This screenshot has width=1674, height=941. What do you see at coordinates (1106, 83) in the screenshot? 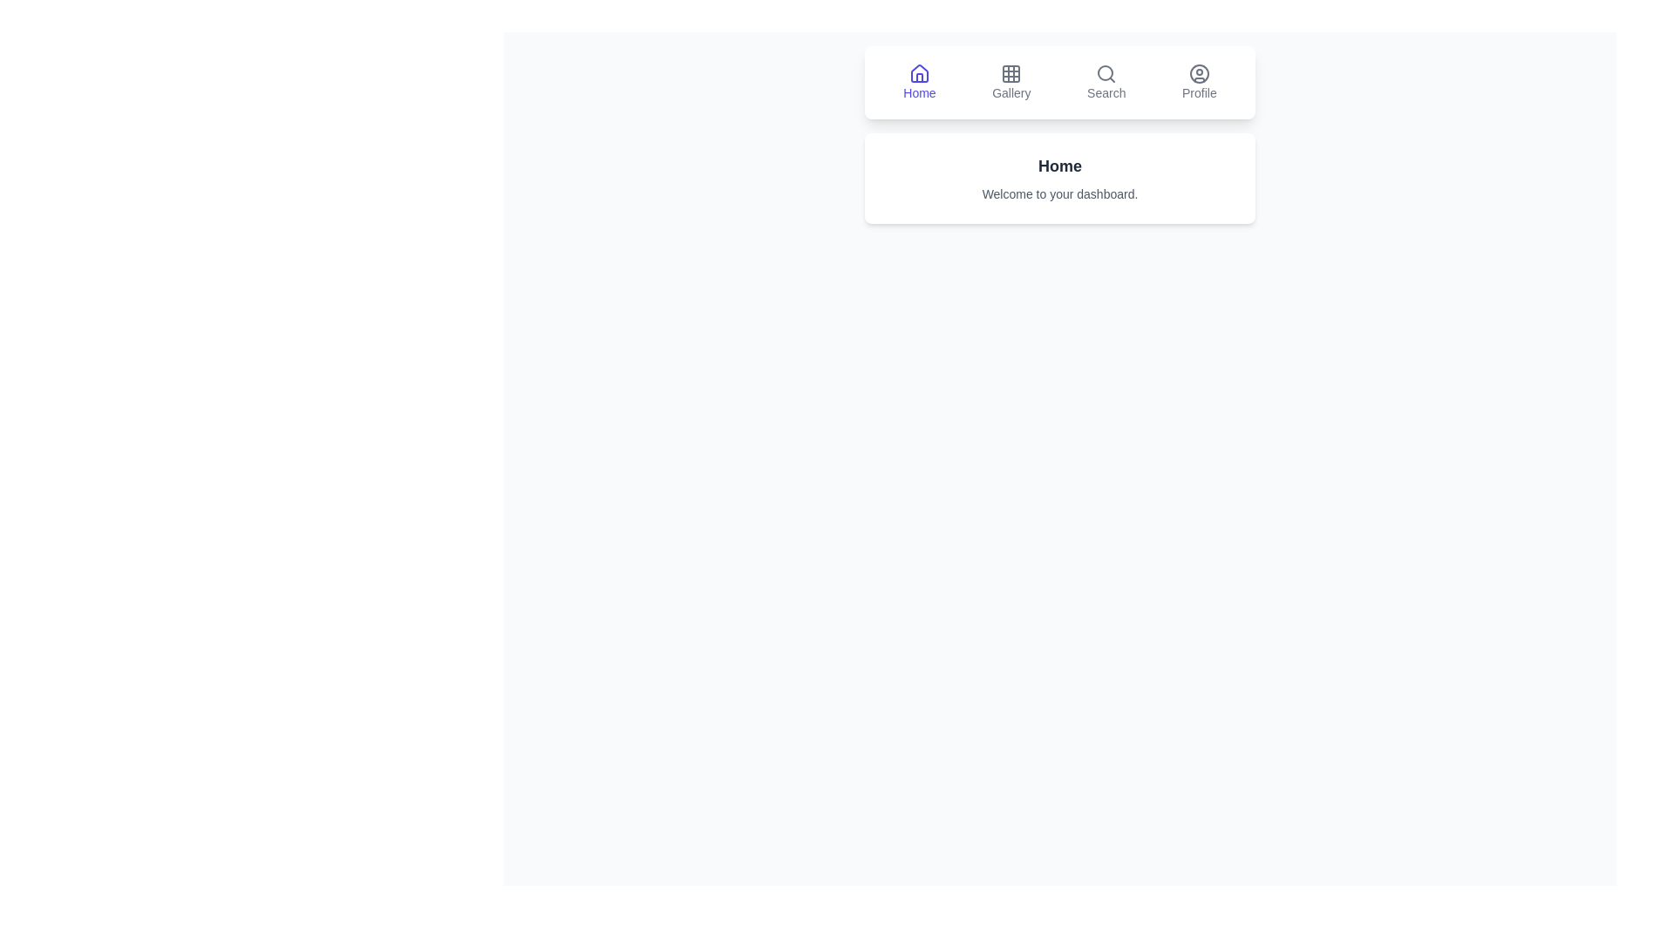
I see `the icon labeled Search in the navigation bar` at bounding box center [1106, 83].